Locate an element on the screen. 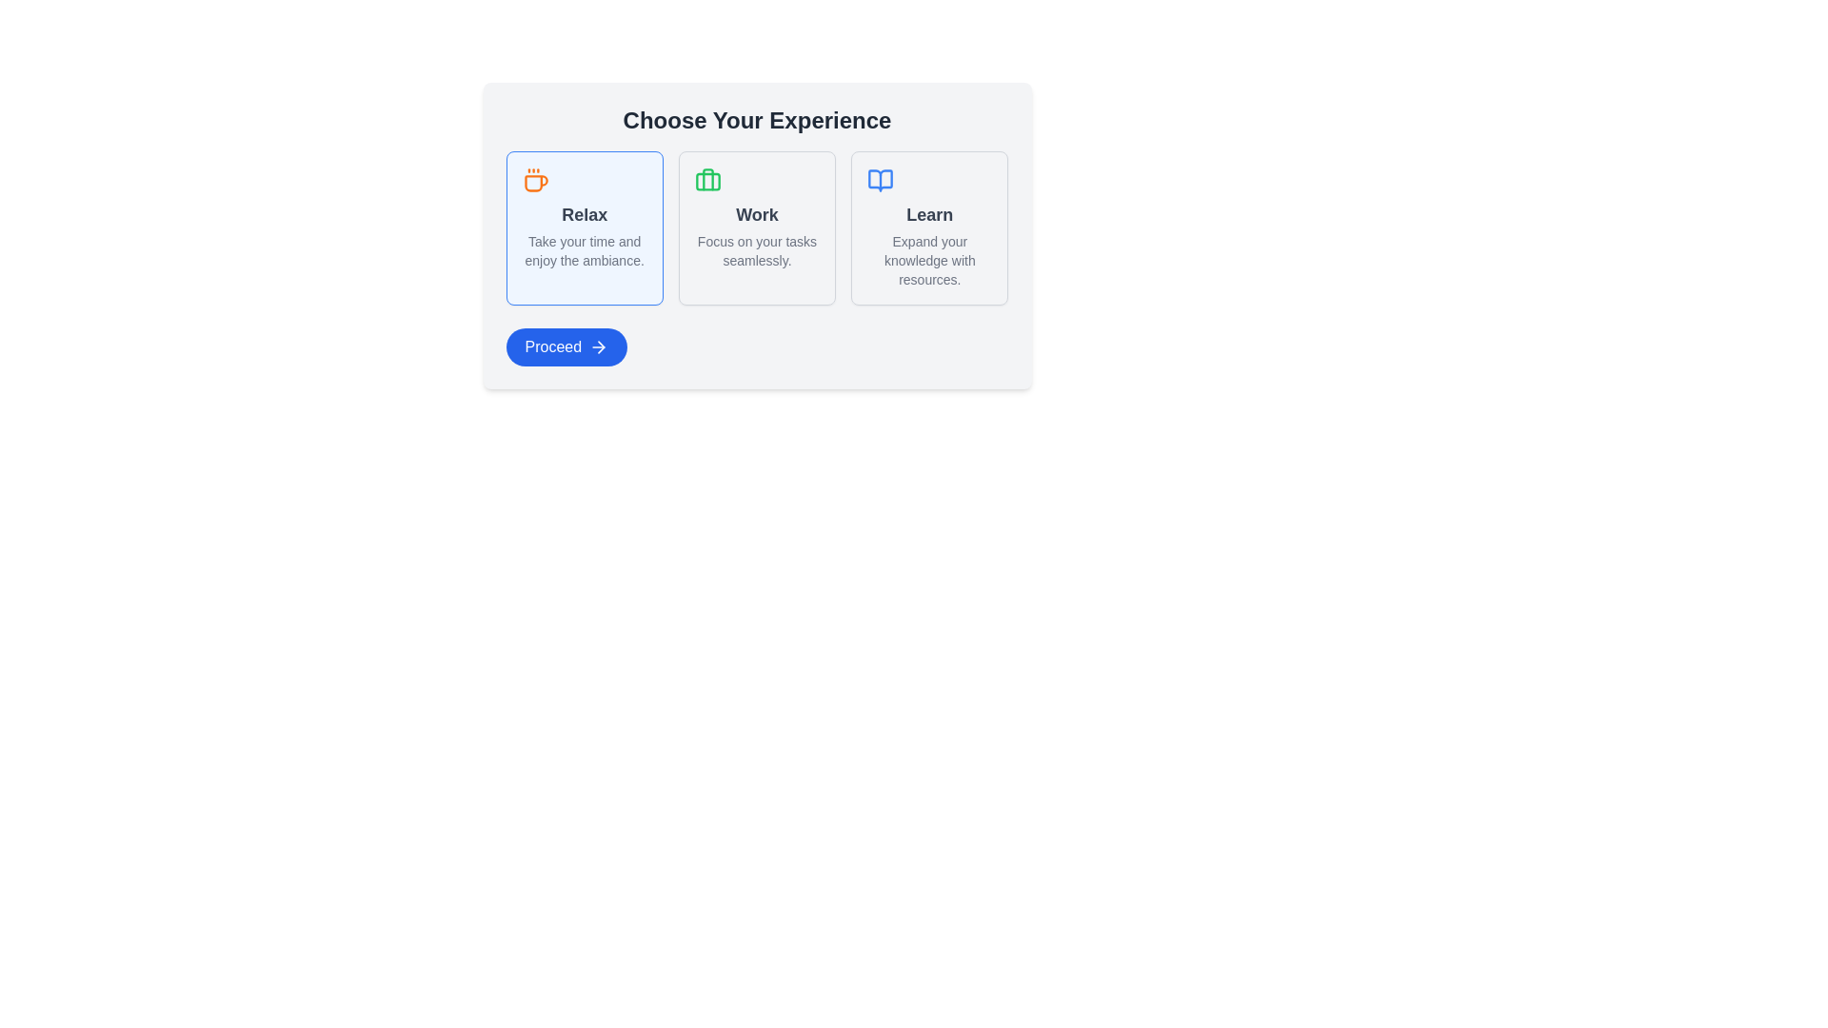 The width and height of the screenshot is (1828, 1028). the forward action icon located to the right of the 'Proceed' button, which visually indicates the next action is located at coordinates (598, 347).